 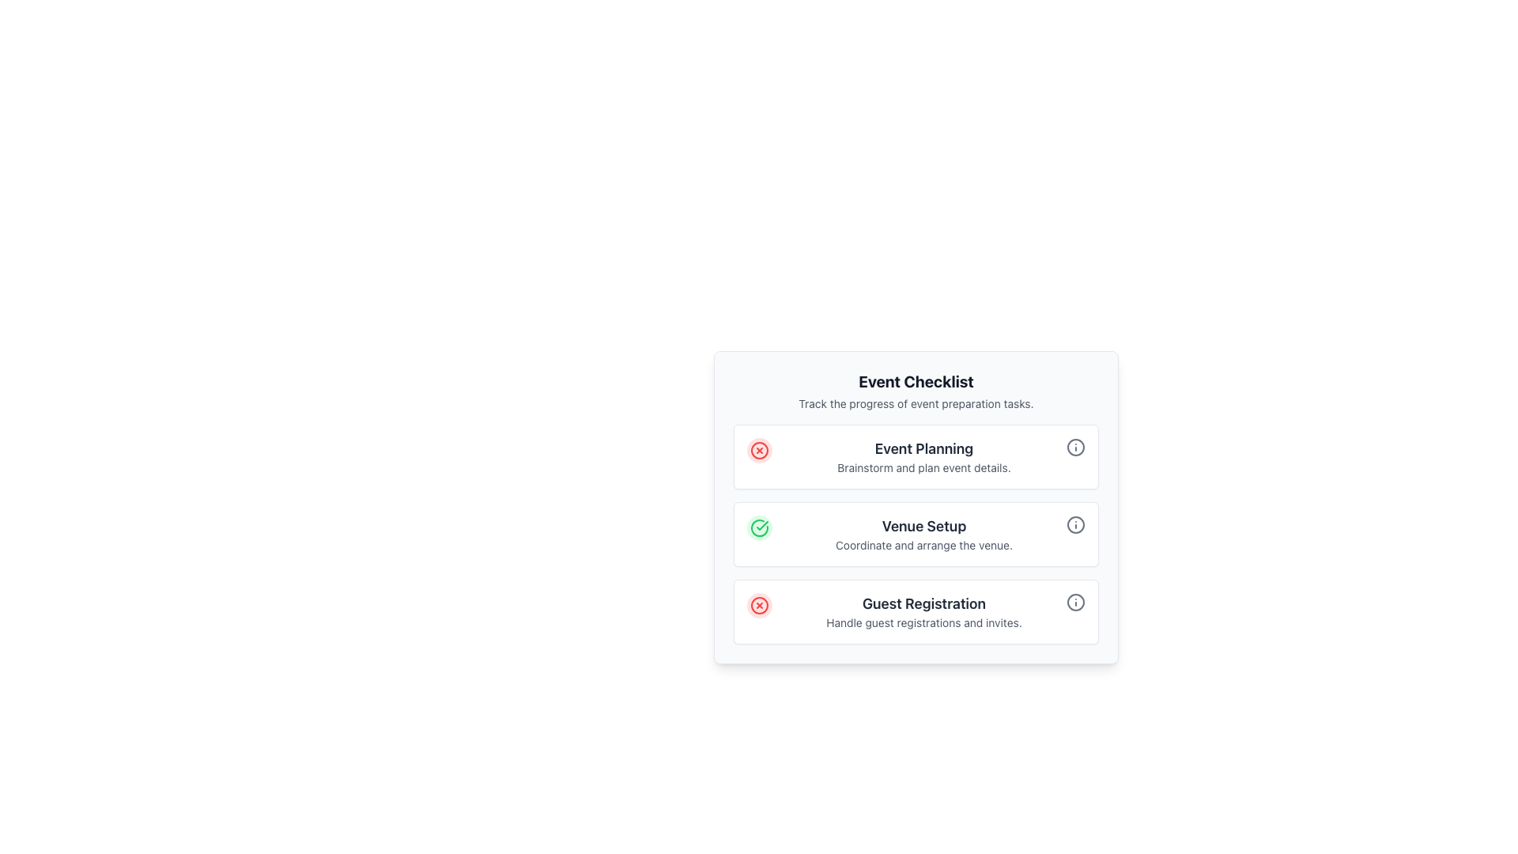 I want to click on the circular icon with a light red background and a red 'X' symbol located in the bottom segment of the three-segment list, preceding the text 'Guest Registration', so click(x=759, y=605).